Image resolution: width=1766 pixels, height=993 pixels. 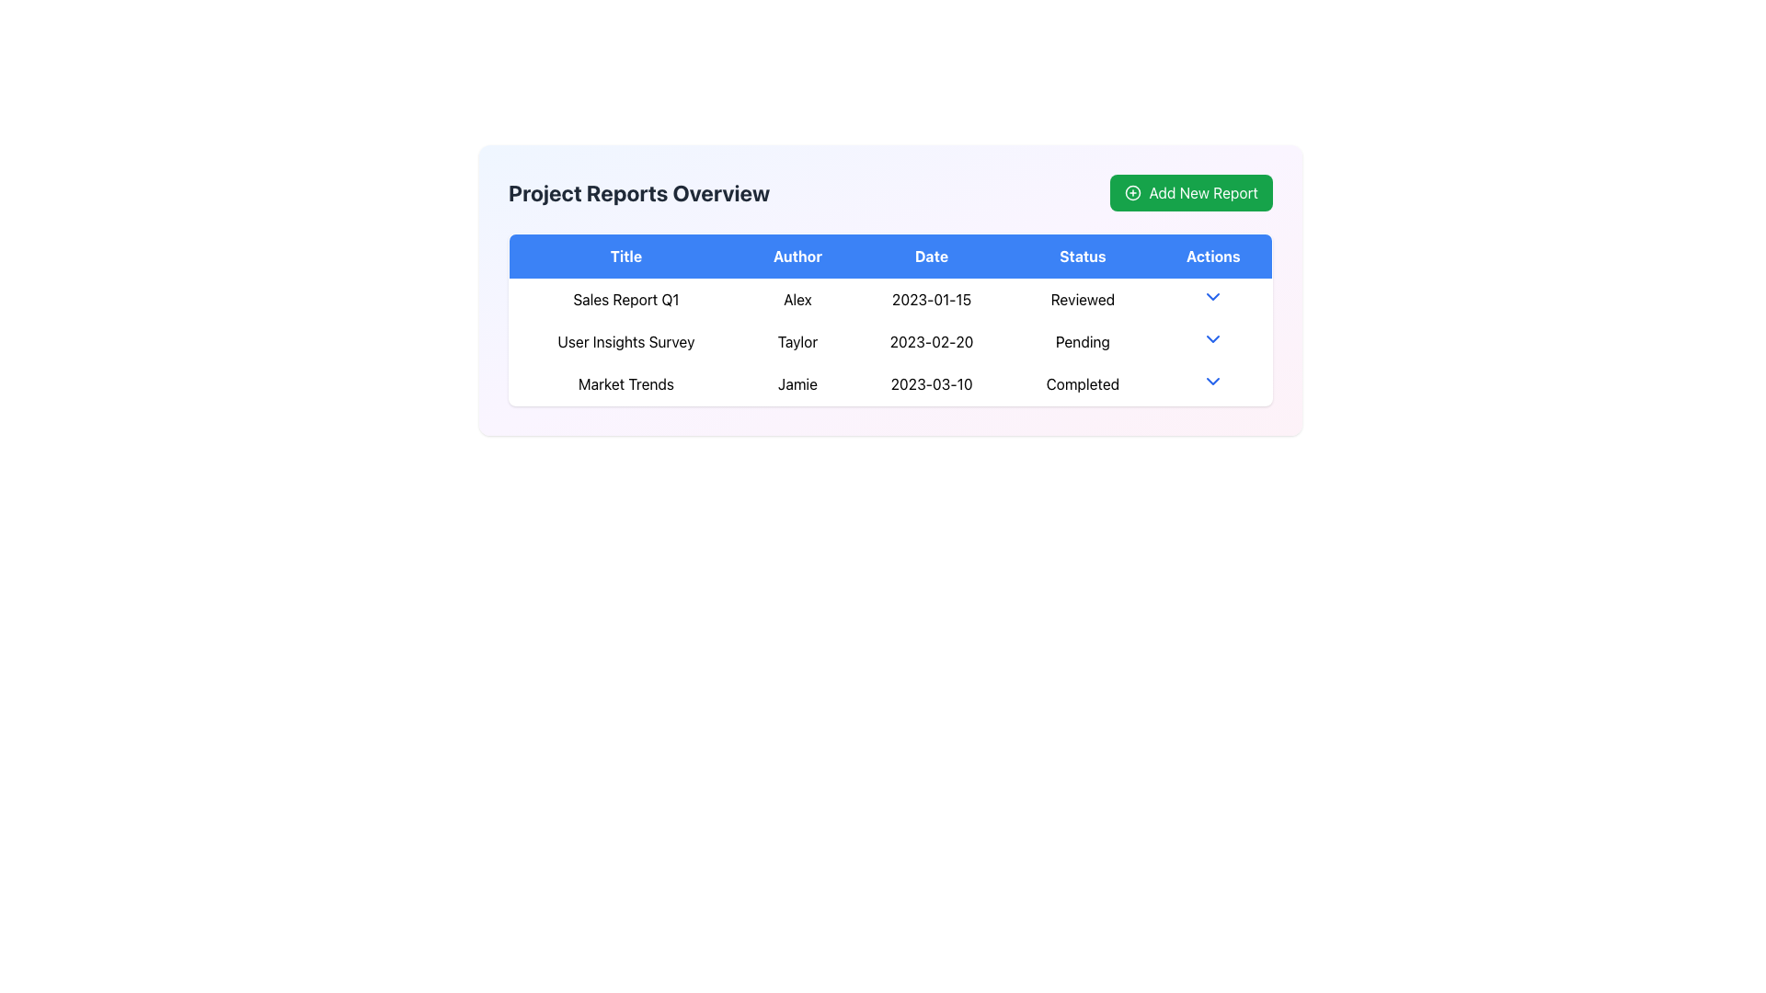 What do you see at coordinates (797, 299) in the screenshot?
I see `text content of the Text Label representing the author attribute in the project report summaries table, located under the 'Author' column, following 'Sales Report Q1'` at bounding box center [797, 299].